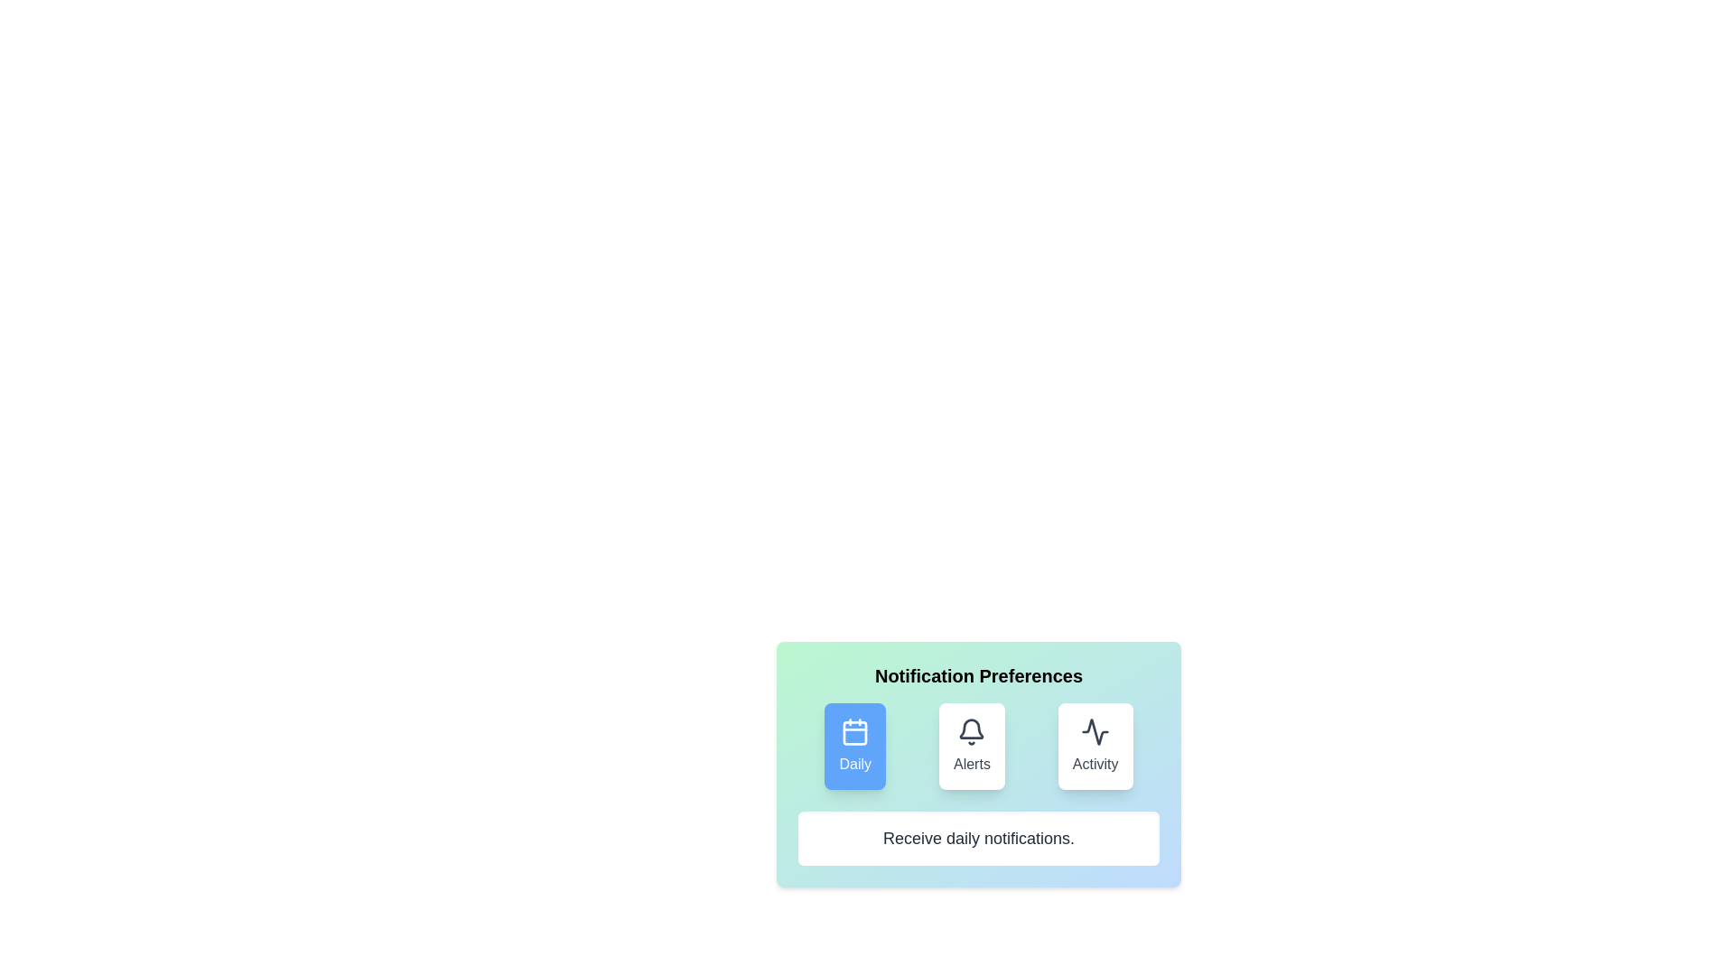  Describe the element at coordinates (854, 746) in the screenshot. I see `the Daily button to change the notification type` at that location.